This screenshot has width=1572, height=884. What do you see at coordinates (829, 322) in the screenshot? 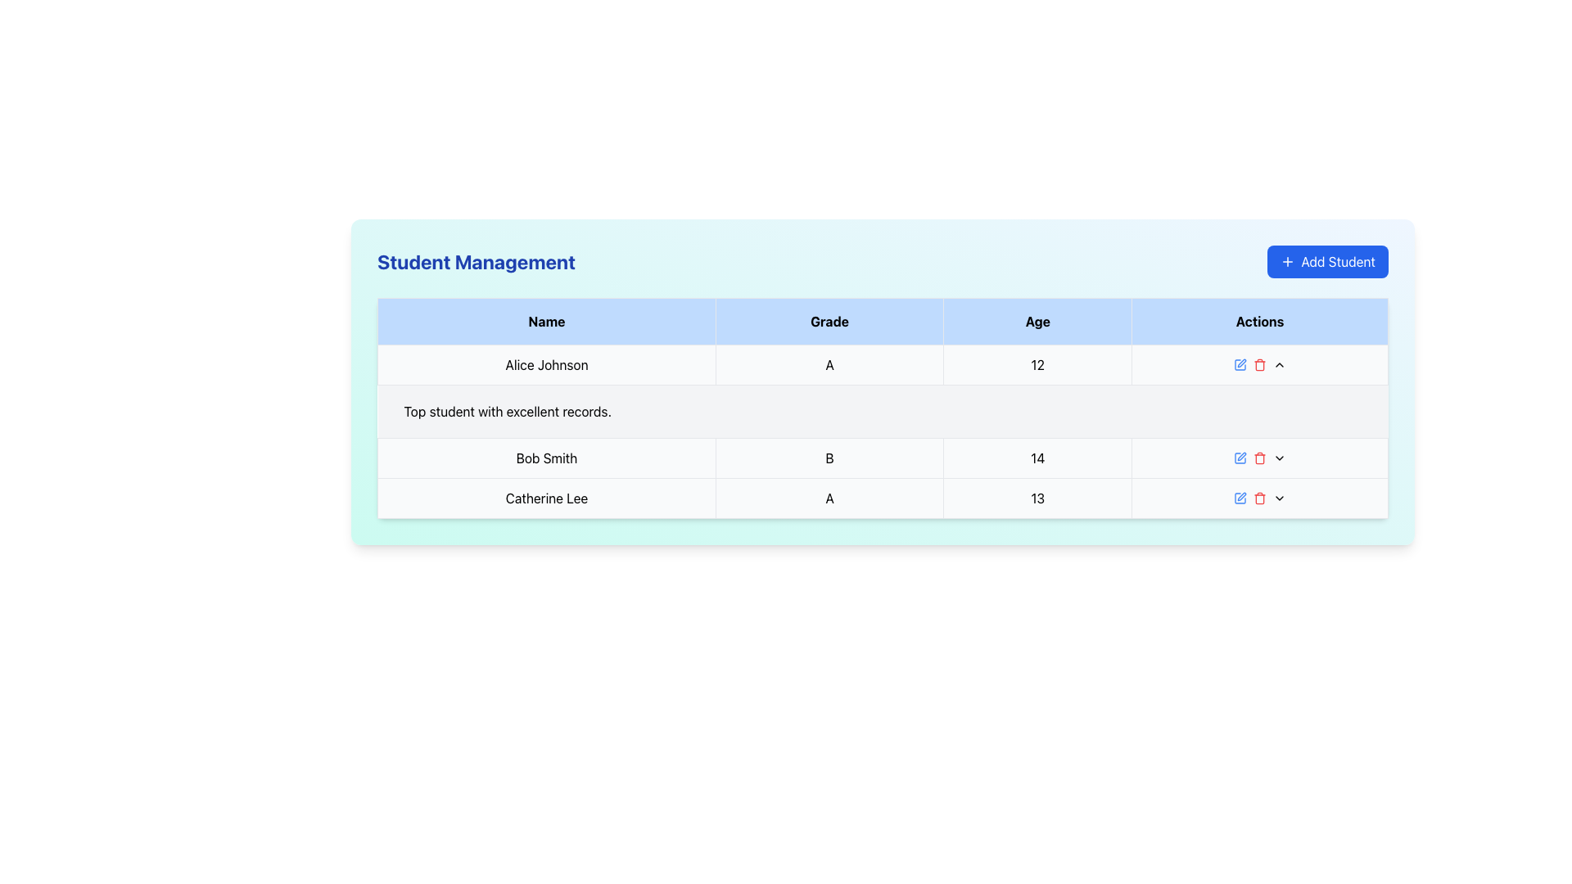
I see `the 'Grade' table header, which is the second column in the header row of a table, located on a blue background with bold text` at bounding box center [829, 322].